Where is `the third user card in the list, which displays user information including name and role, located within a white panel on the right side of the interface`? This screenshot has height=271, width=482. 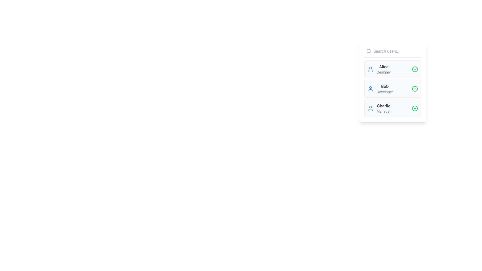
the third user card in the list, which displays user information including name and role, located within a white panel on the right side of the interface is located at coordinates (379, 108).